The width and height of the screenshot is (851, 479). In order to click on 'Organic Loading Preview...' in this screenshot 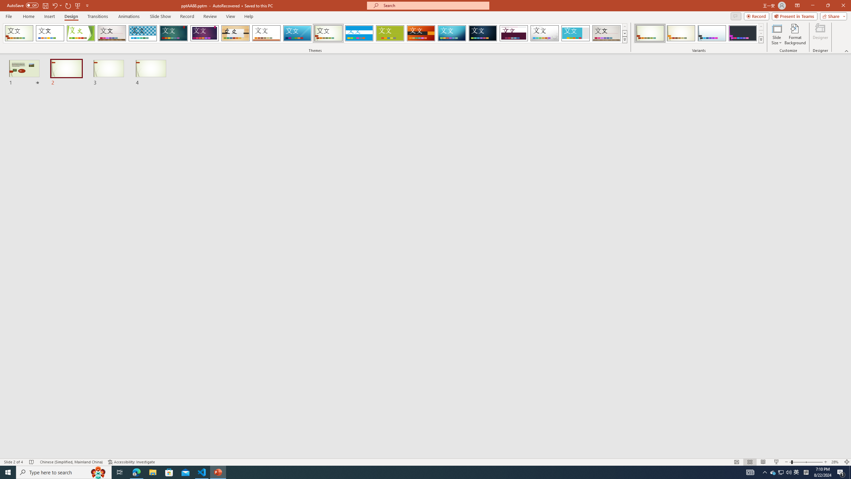, I will do `click(236, 33)`.